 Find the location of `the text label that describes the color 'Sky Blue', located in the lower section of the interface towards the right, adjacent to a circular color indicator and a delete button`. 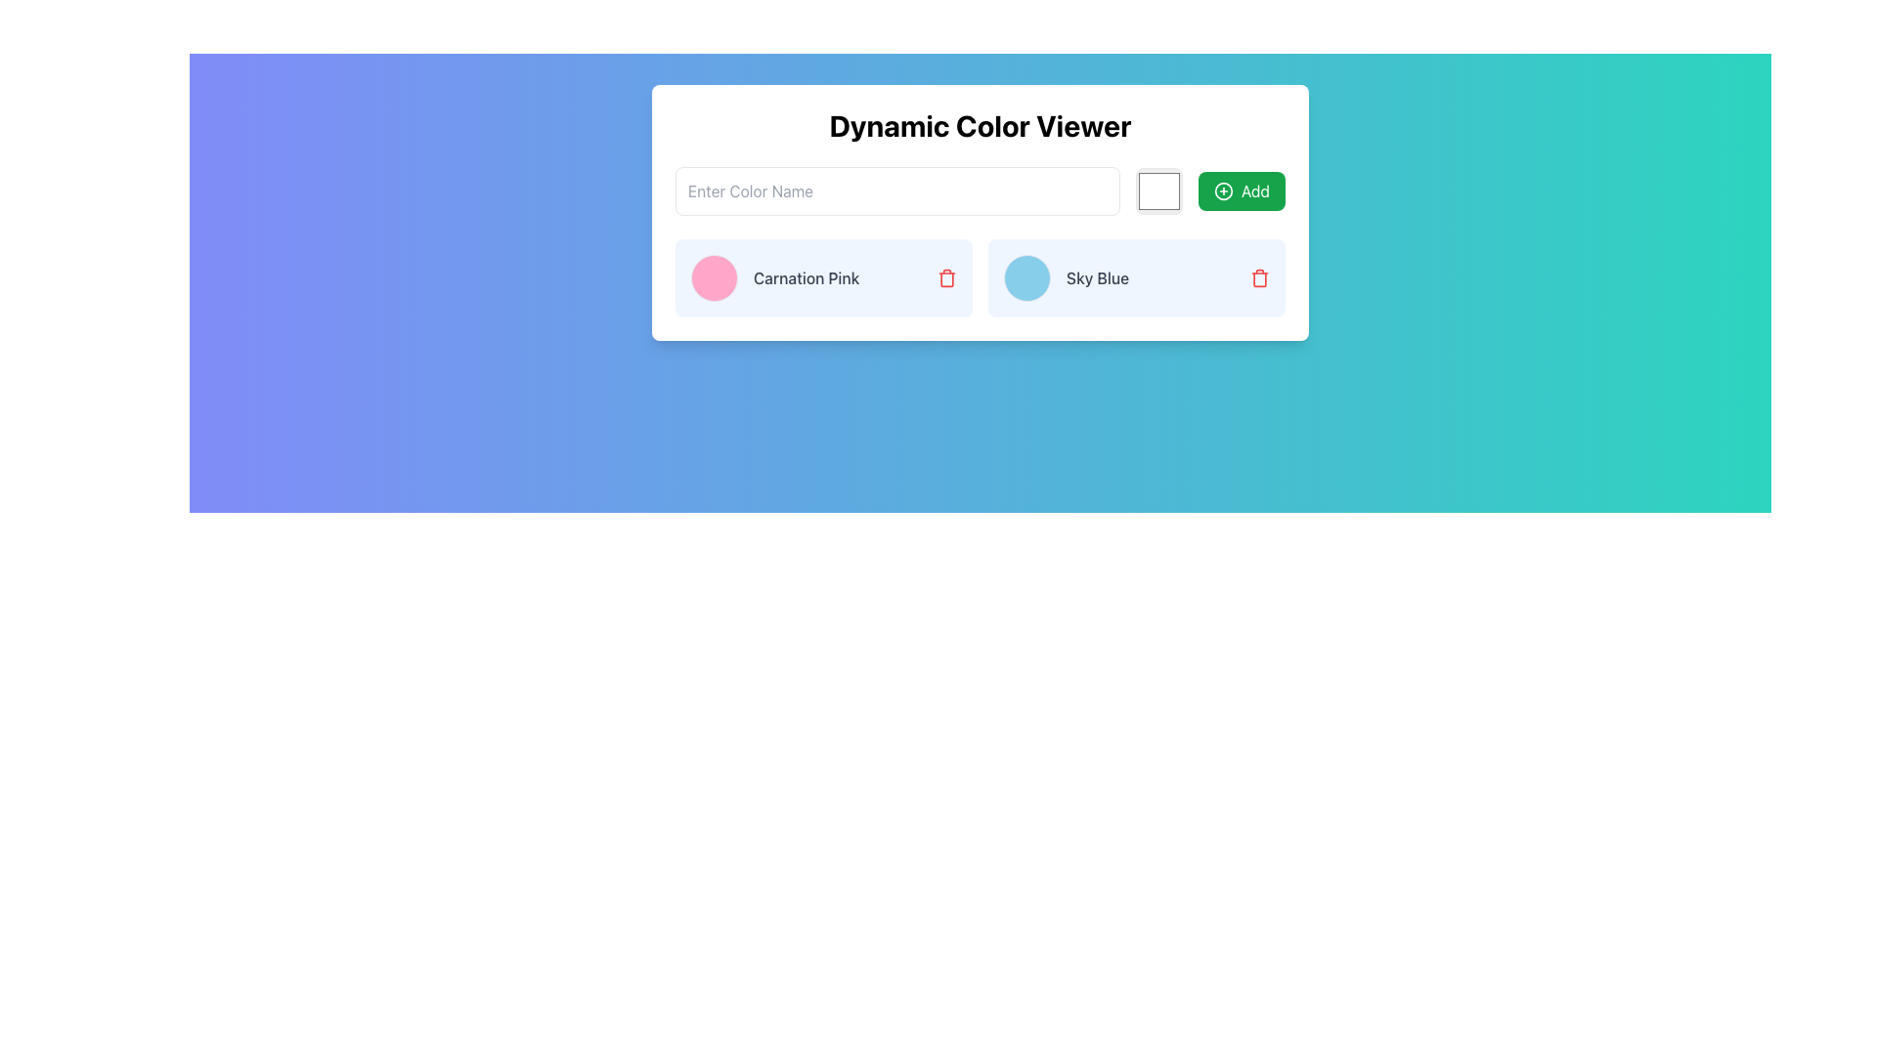

the text label that describes the color 'Sky Blue', located in the lower section of the interface towards the right, adjacent to a circular color indicator and a delete button is located at coordinates (1098, 278).